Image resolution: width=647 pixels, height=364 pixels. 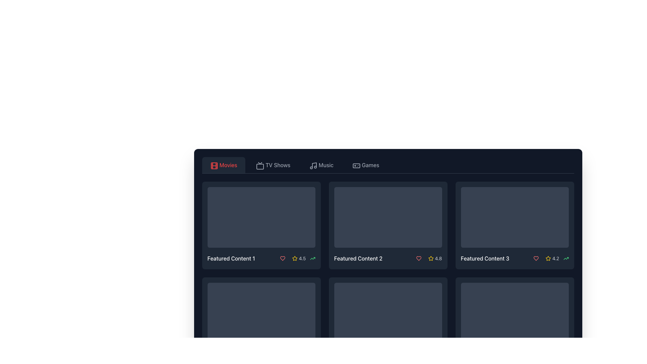 What do you see at coordinates (312, 258) in the screenshot?
I see `the graph trend icon, which is a green hue icon located at the bottom right of the 'Featured Content 1' card, adjacent to a star-shaped icon` at bounding box center [312, 258].